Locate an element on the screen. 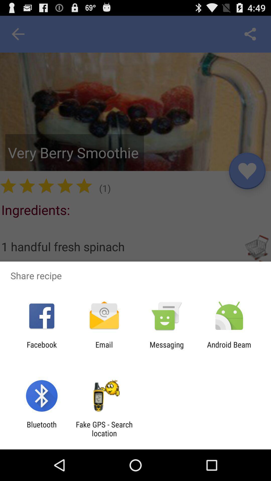 This screenshot has width=271, height=481. the app next to the messaging item is located at coordinates (104, 349).